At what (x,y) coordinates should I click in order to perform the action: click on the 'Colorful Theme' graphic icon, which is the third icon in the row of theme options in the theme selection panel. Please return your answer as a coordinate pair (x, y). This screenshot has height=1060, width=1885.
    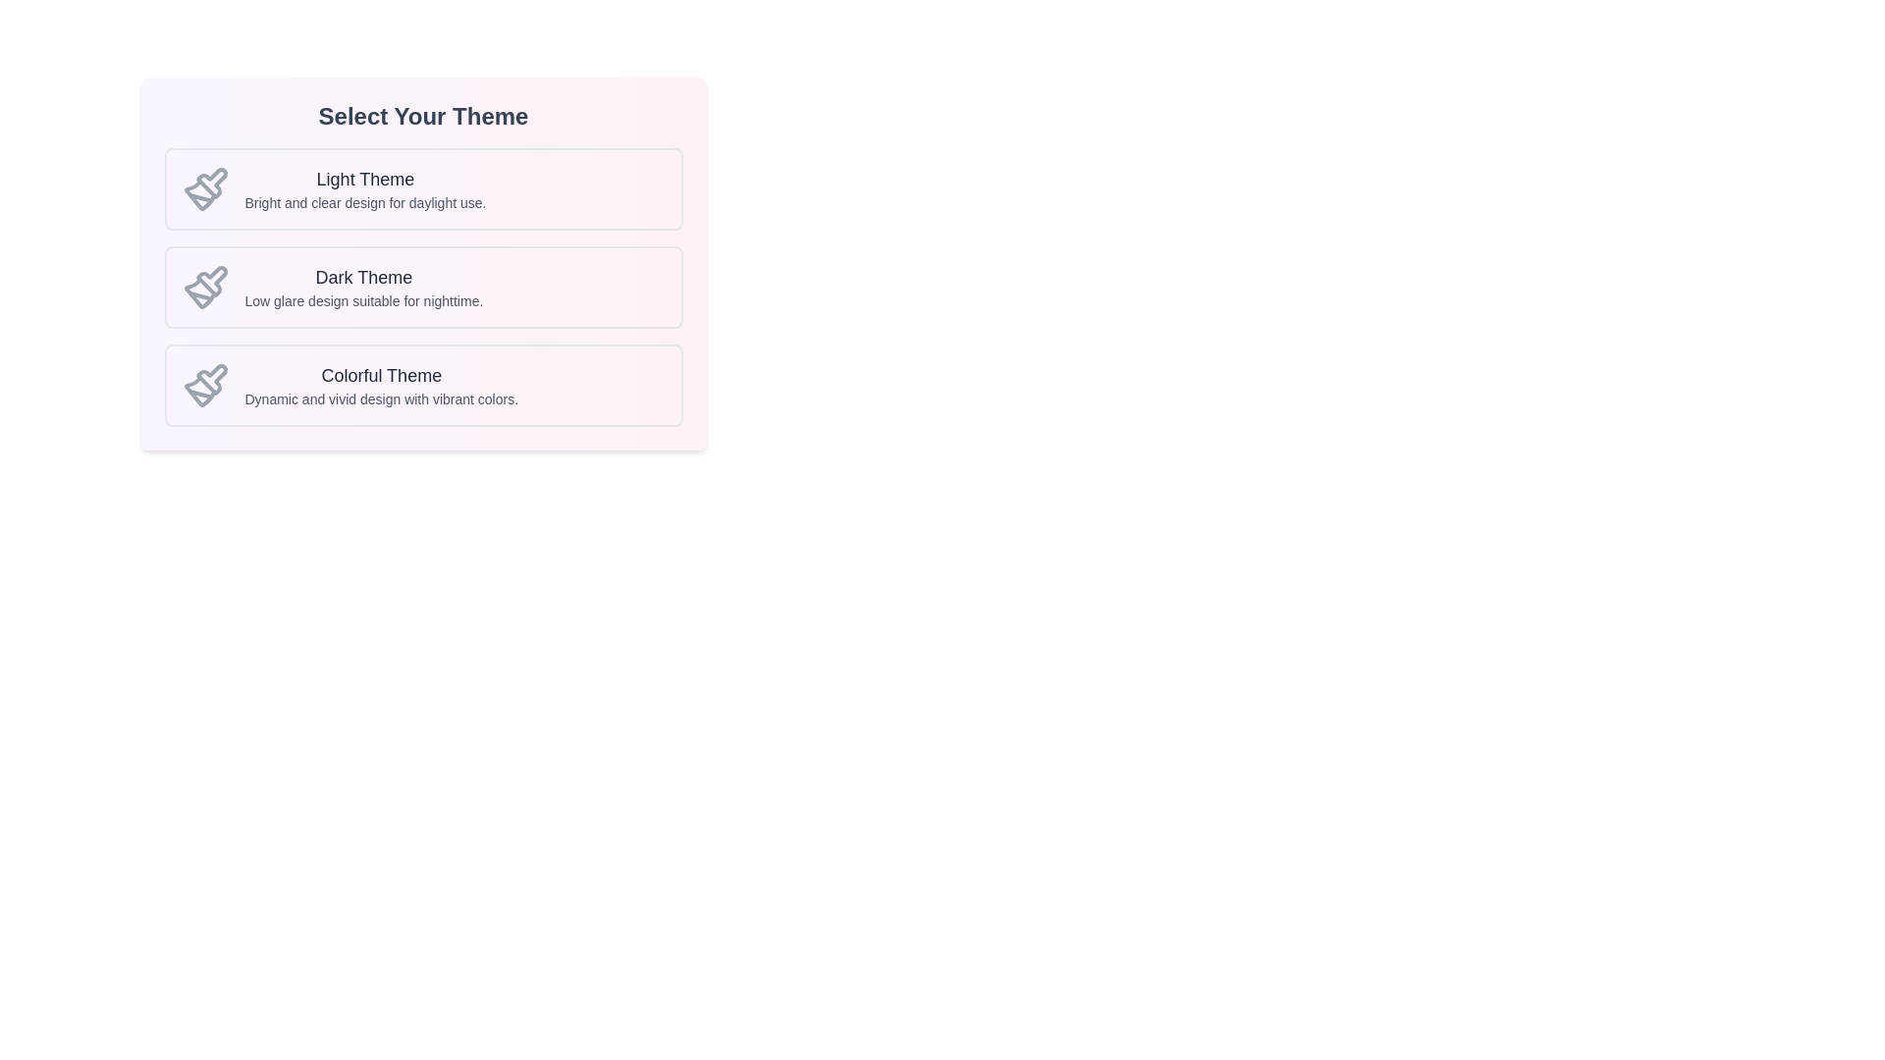
    Looking at the image, I should click on (199, 391).